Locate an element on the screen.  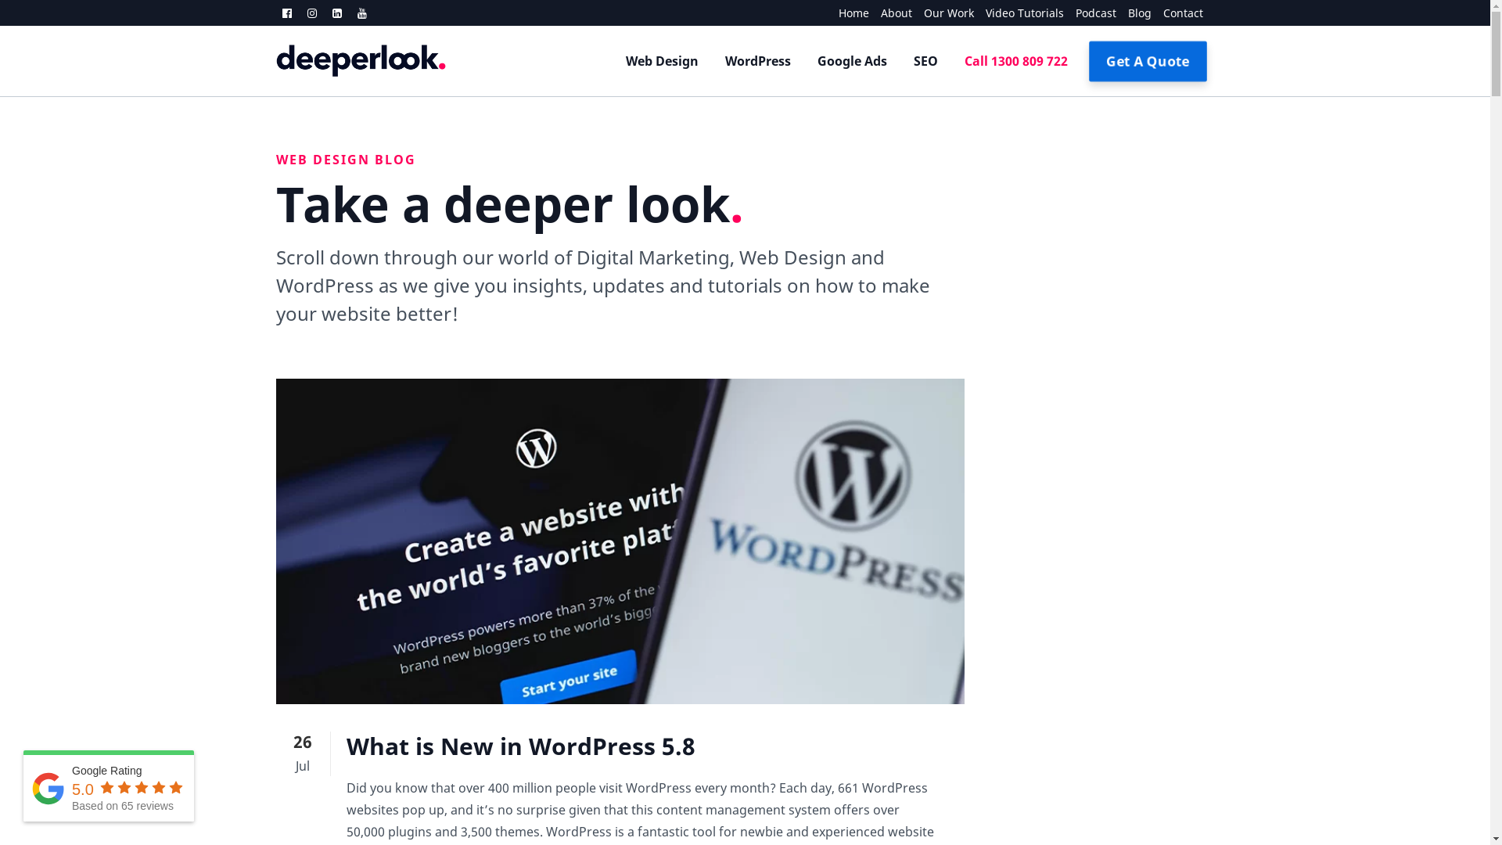
'What is New in WordPress 5.8' is located at coordinates (520, 745).